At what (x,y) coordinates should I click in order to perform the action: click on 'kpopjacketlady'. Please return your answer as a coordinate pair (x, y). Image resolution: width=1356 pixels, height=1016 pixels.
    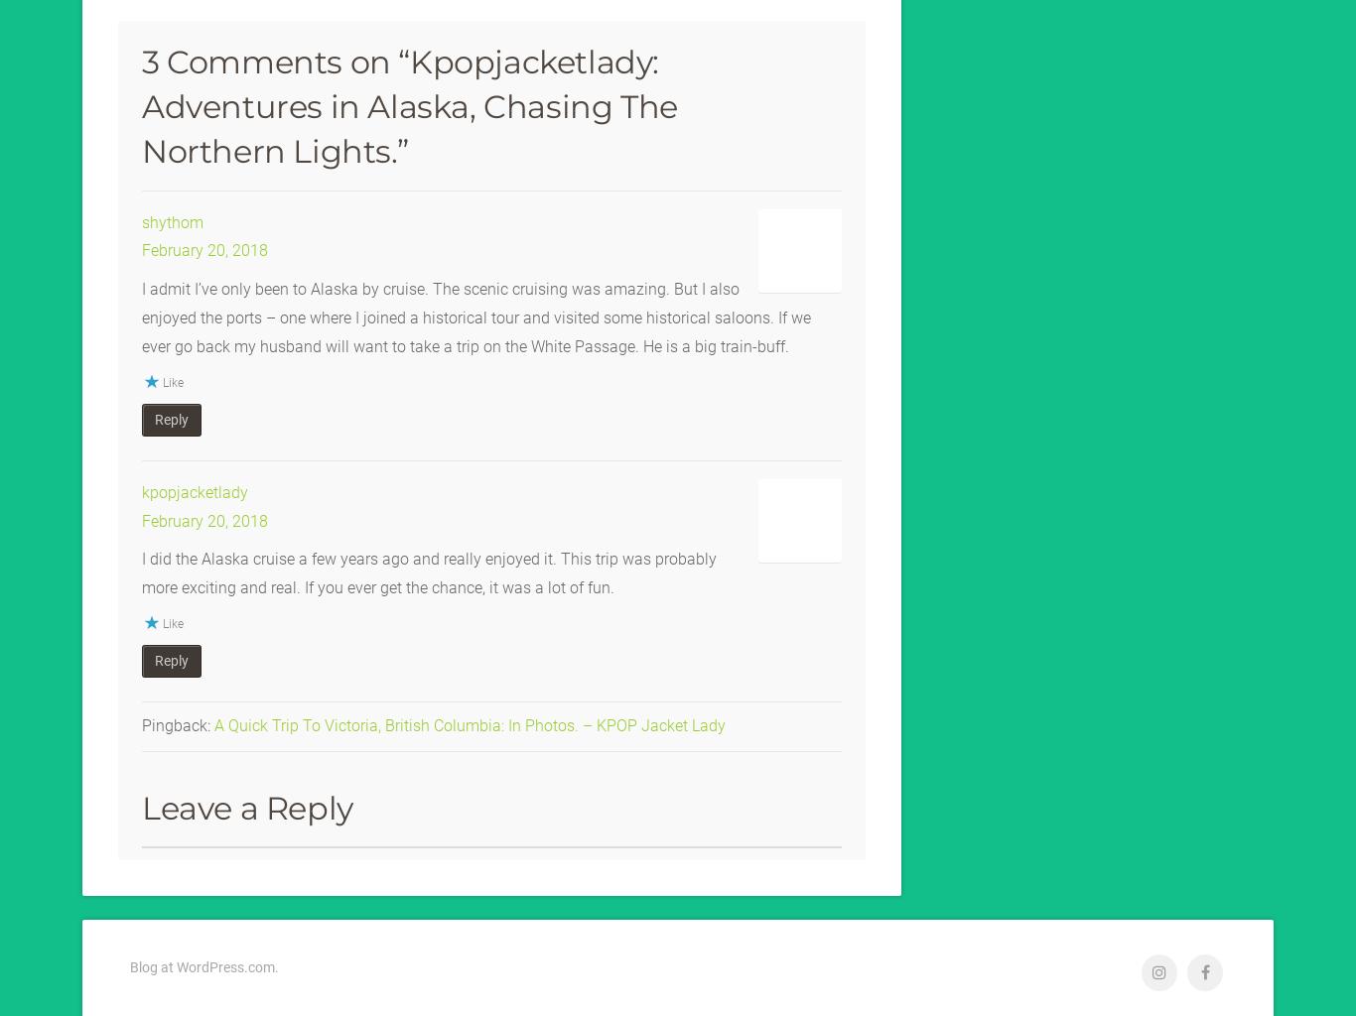
    Looking at the image, I should click on (194, 489).